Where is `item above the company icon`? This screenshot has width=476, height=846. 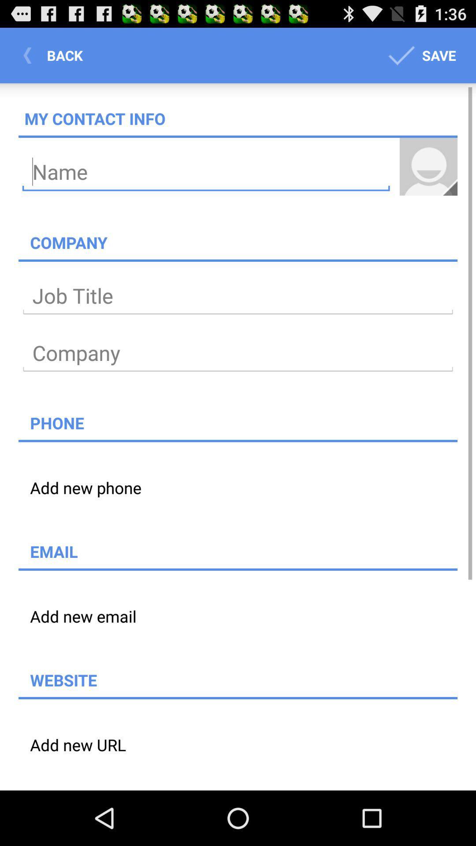 item above the company icon is located at coordinates (428, 167).